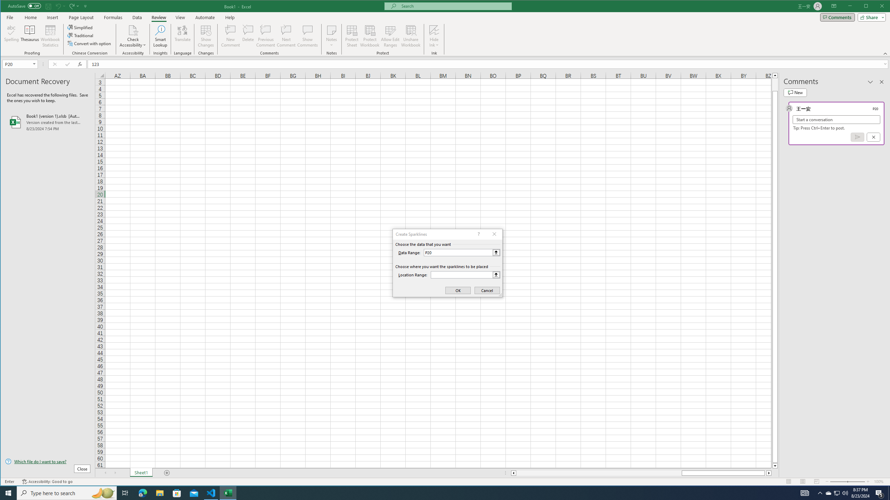  What do you see at coordinates (307, 36) in the screenshot?
I see `'Show Comments'` at bounding box center [307, 36].